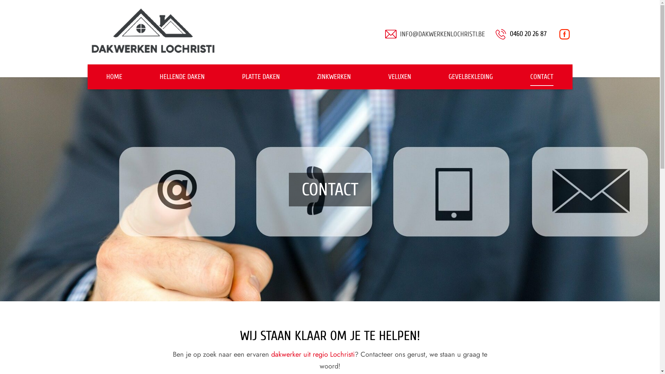 The height and width of the screenshot is (374, 665). What do you see at coordinates (260, 77) in the screenshot?
I see `'PLATTE DAKEN'` at bounding box center [260, 77].